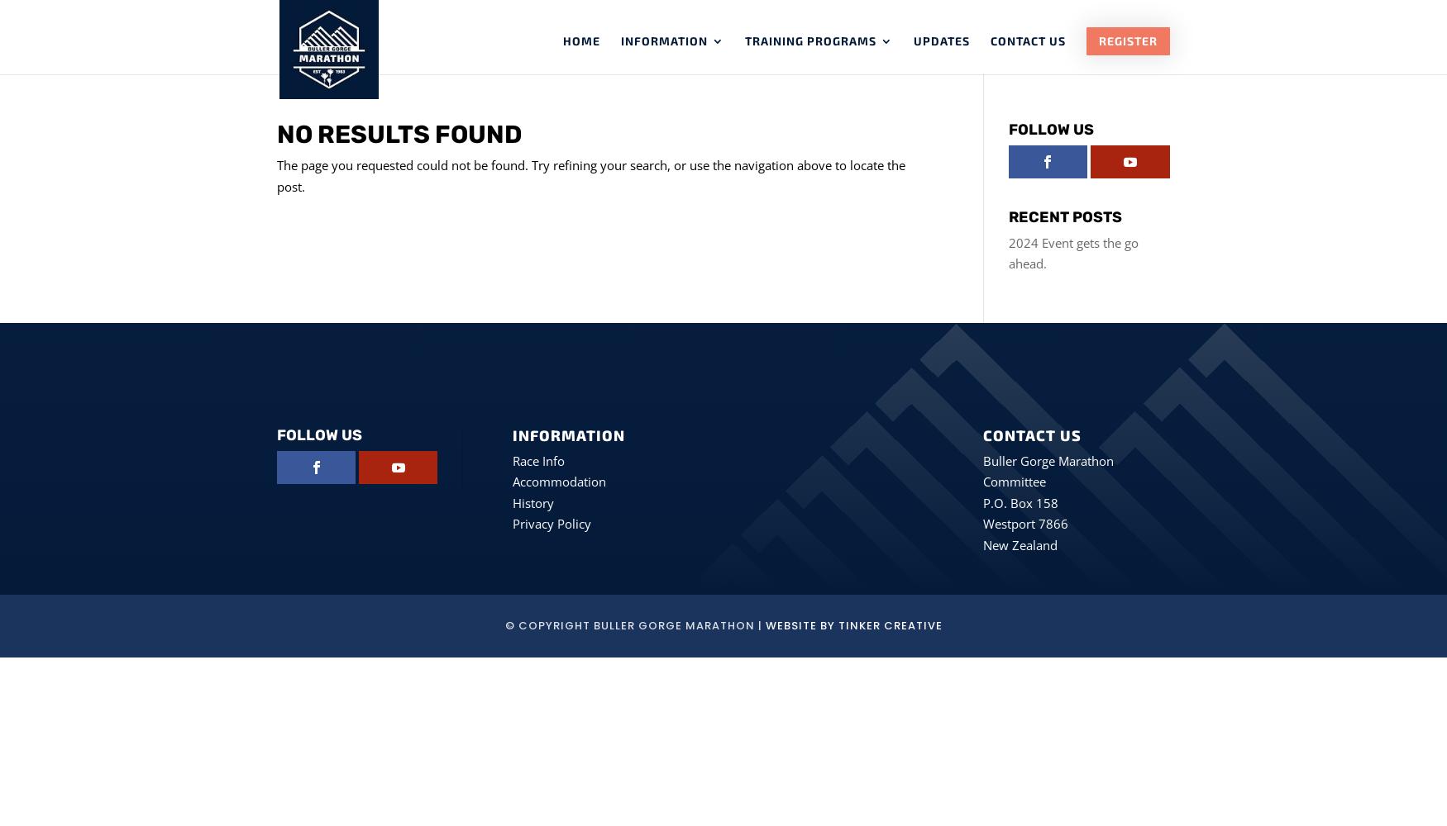 This screenshot has width=1447, height=826. What do you see at coordinates (913, 40) in the screenshot?
I see `'Updates'` at bounding box center [913, 40].